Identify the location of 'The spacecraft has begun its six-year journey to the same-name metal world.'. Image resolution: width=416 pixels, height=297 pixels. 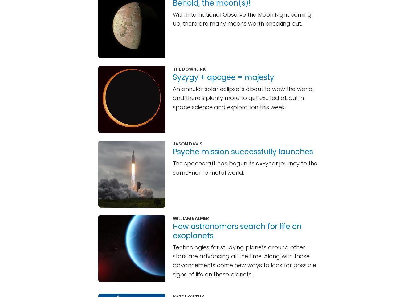
(245, 168).